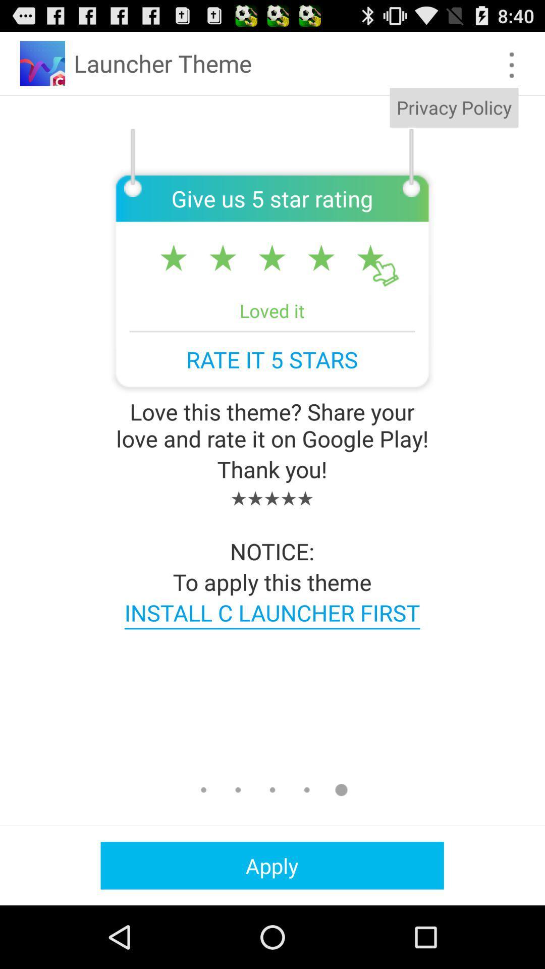 The width and height of the screenshot is (545, 969). What do you see at coordinates (512, 65) in the screenshot?
I see `item above the privacy policy item` at bounding box center [512, 65].